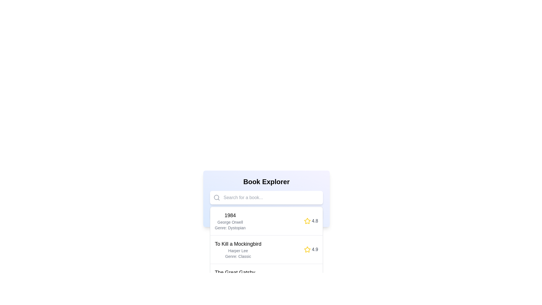  Describe the element at coordinates (230, 215) in the screenshot. I see `the bold text label displaying the title '1984' located in the upper left part of the first book entry under the 'Book Explorer' header` at that location.